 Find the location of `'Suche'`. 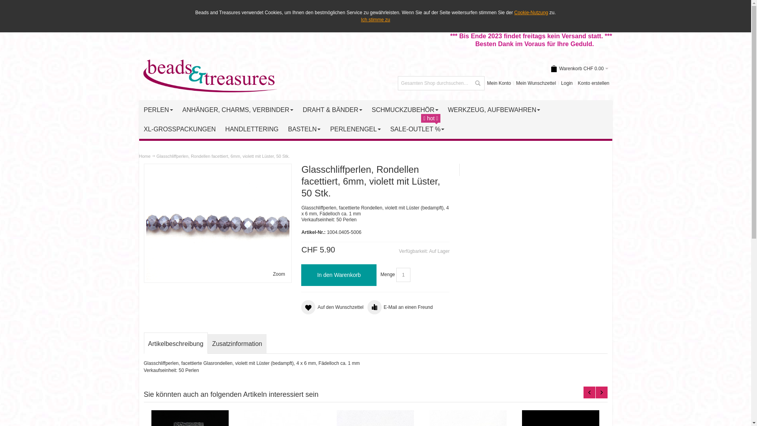

'Suche' is located at coordinates (477, 83).